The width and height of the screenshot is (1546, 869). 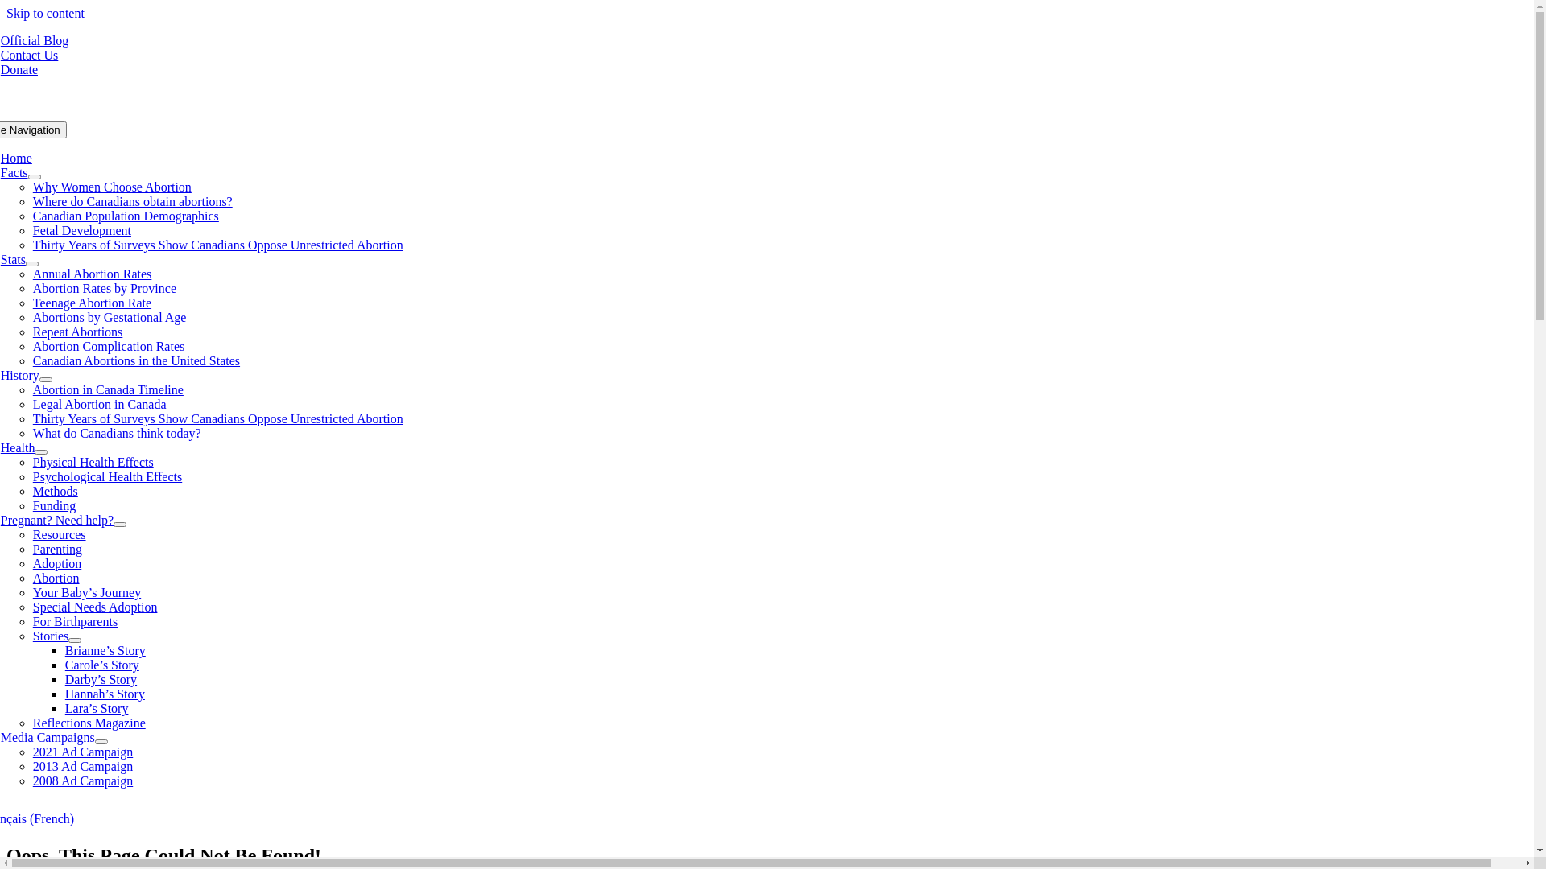 I want to click on 'Abortion Complication Rates', so click(x=107, y=345).